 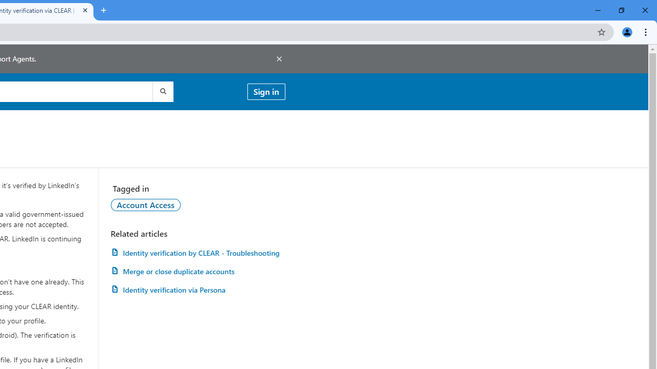 What do you see at coordinates (145, 204) in the screenshot?
I see `'Account Access'` at bounding box center [145, 204].